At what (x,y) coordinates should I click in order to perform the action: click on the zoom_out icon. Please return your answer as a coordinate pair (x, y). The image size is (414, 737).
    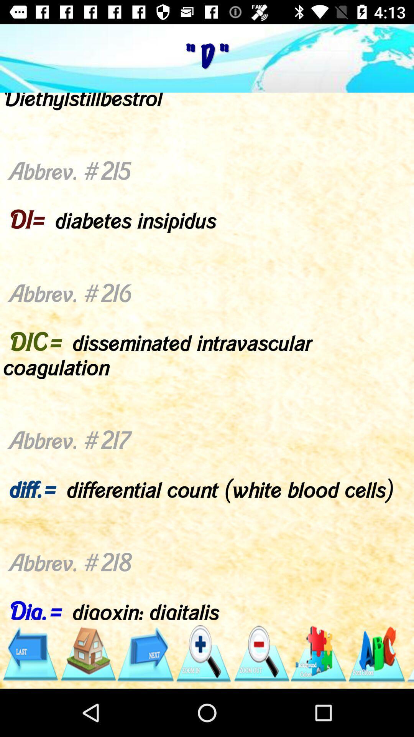
    Looking at the image, I should click on (261, 653).